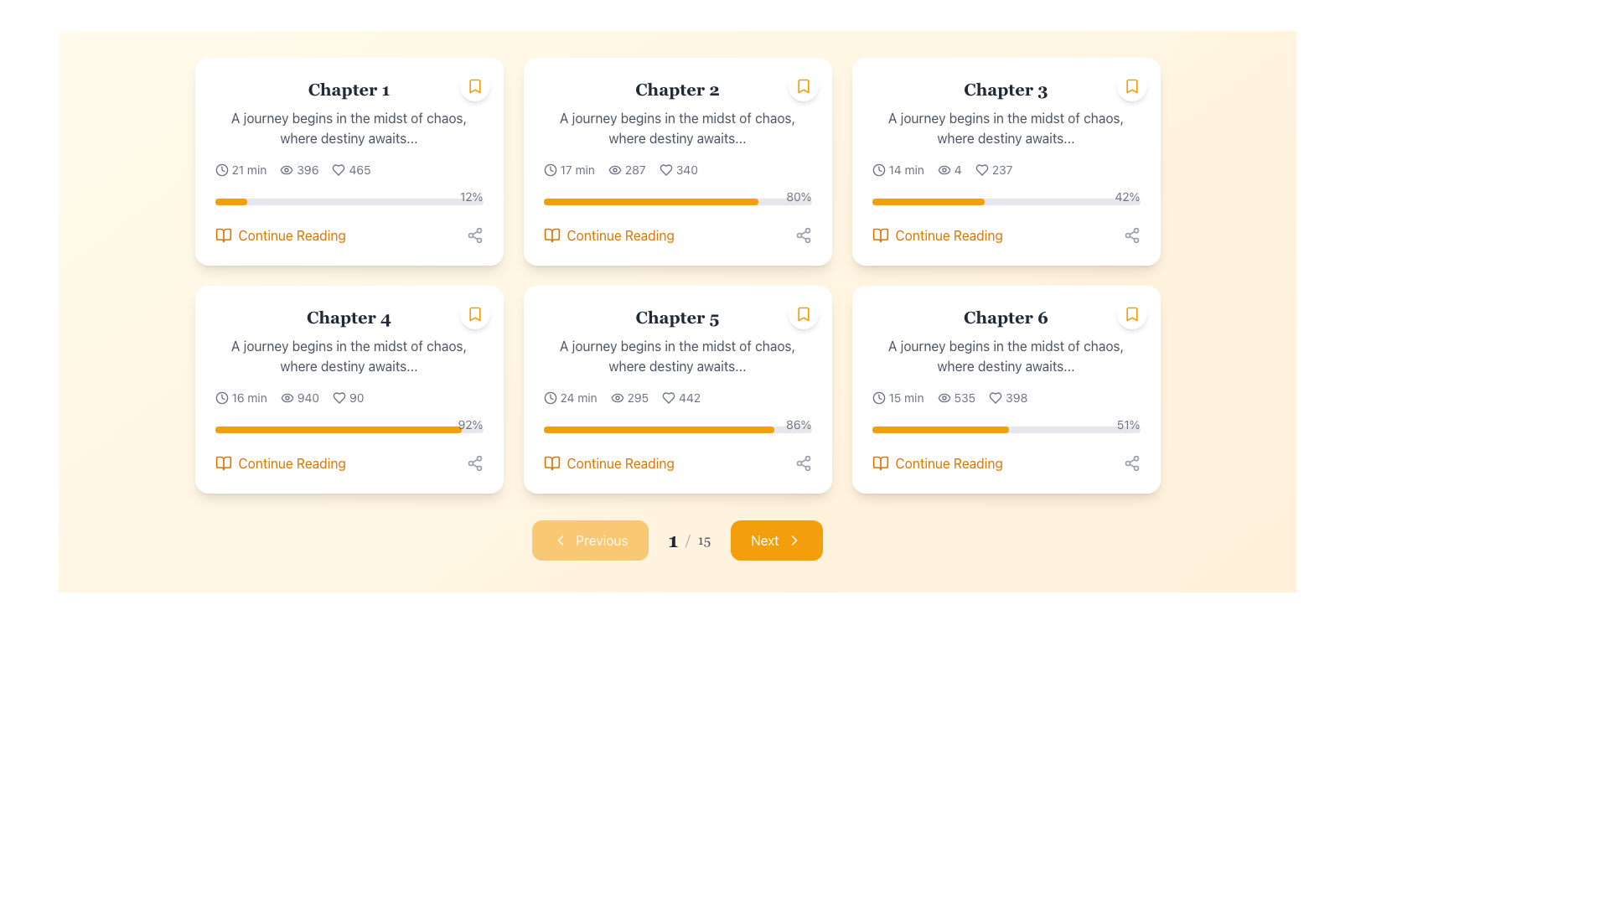 This screenshot has height=905, width=1609. What do you see at coordinates (798, 423) in the screenshot?
I see `the text label displaying '86%', which is styled in a small gray font and positioned above the progress bar in Chapter 5's card layout` at bounding box center [798, 423].